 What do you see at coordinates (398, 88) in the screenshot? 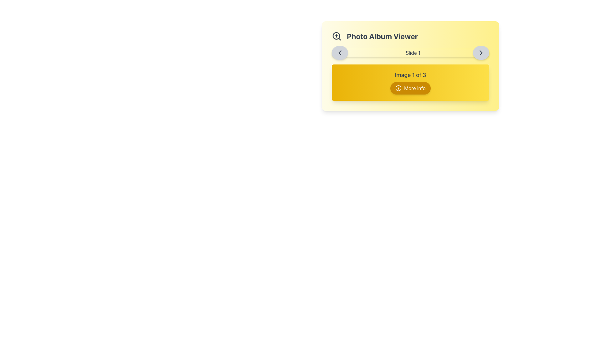
I see `the 'More Info' button which is represented by the icon located on the left side of the button` at bounding box center [398, 88].